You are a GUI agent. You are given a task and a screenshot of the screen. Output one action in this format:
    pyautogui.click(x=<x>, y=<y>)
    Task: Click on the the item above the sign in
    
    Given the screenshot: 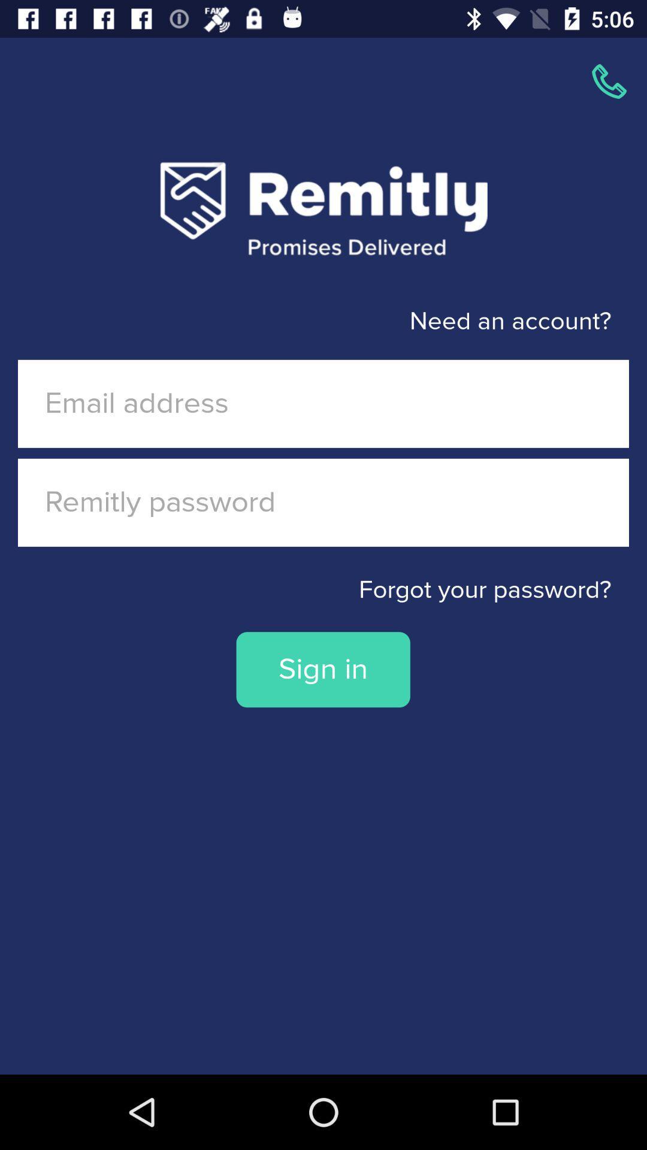 What is the action you would take?
    pyautogui.click(x=323, y=590)
    